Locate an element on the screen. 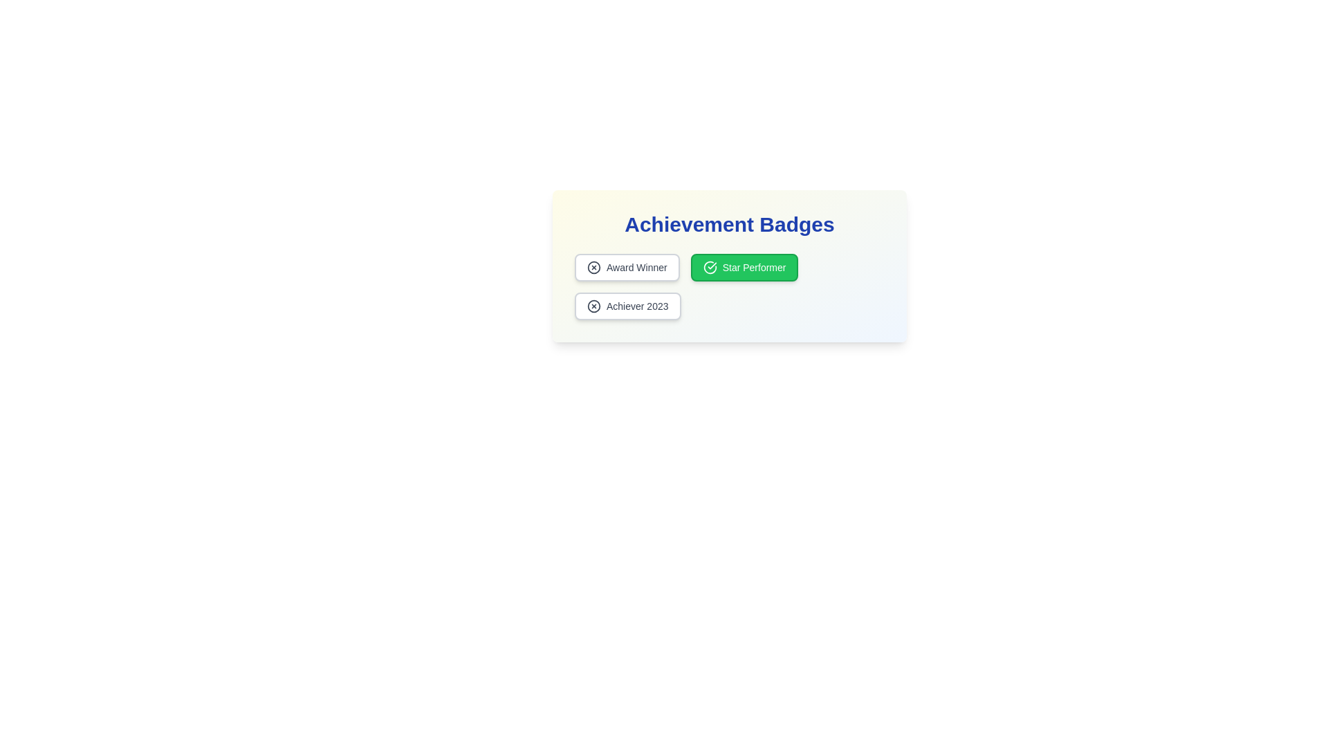  the badge labeled Star Performer to observe its hover effect is located at coordinates (744, 267).